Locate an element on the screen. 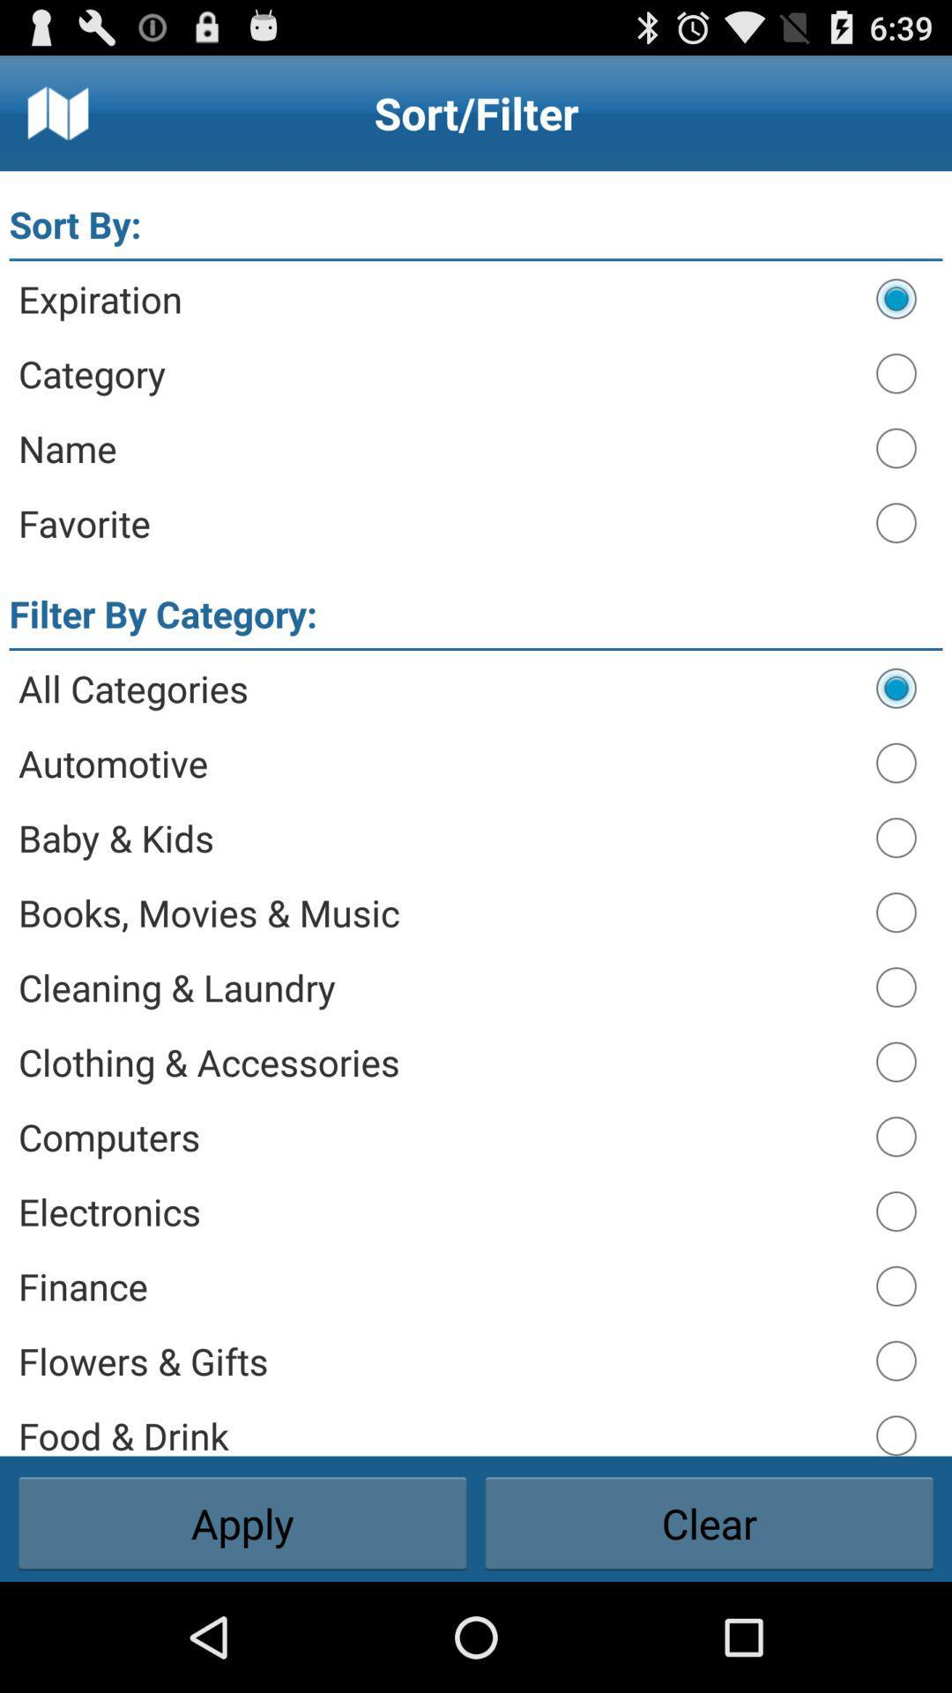  icon above sort by: is located at coordinates (56, 112).